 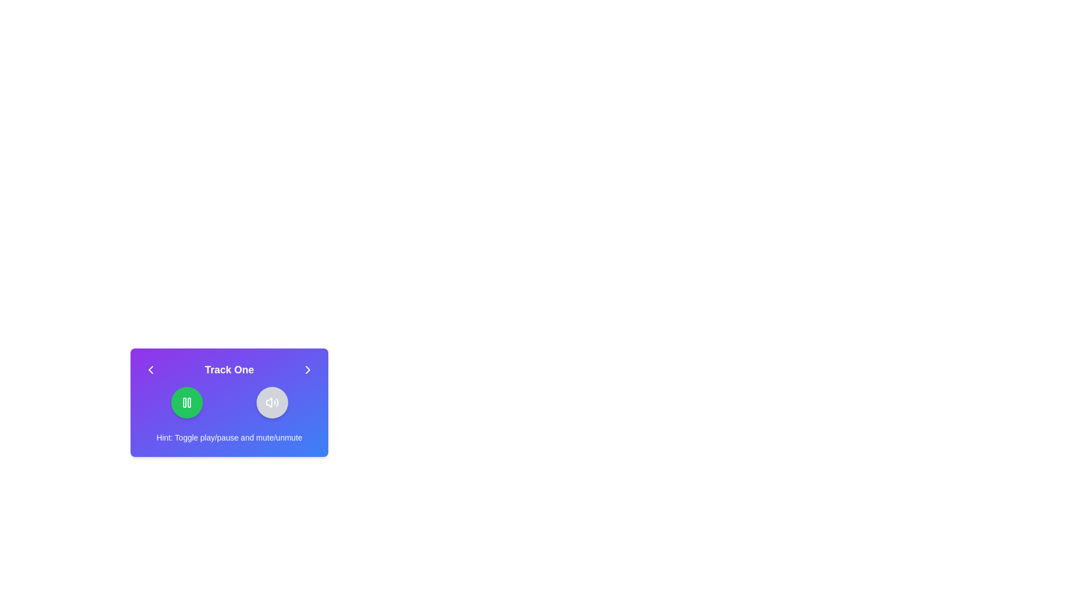 I want to click on the outermost arc of the speaker volume indicator icon, which is located on the far right within the blue section of the footer, so click(x=277, y=402).